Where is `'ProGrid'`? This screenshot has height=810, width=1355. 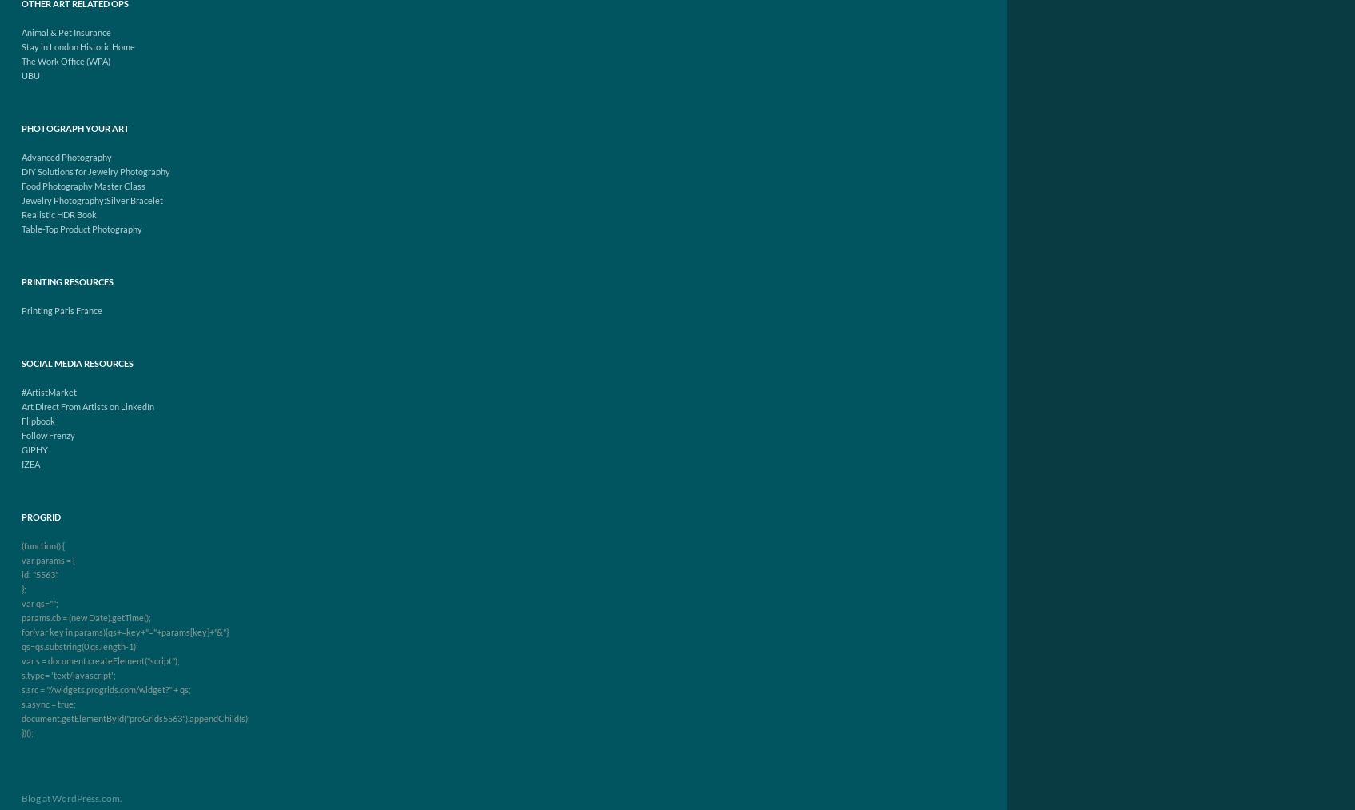 'ProGrid' is located at coordinates (41, 516).